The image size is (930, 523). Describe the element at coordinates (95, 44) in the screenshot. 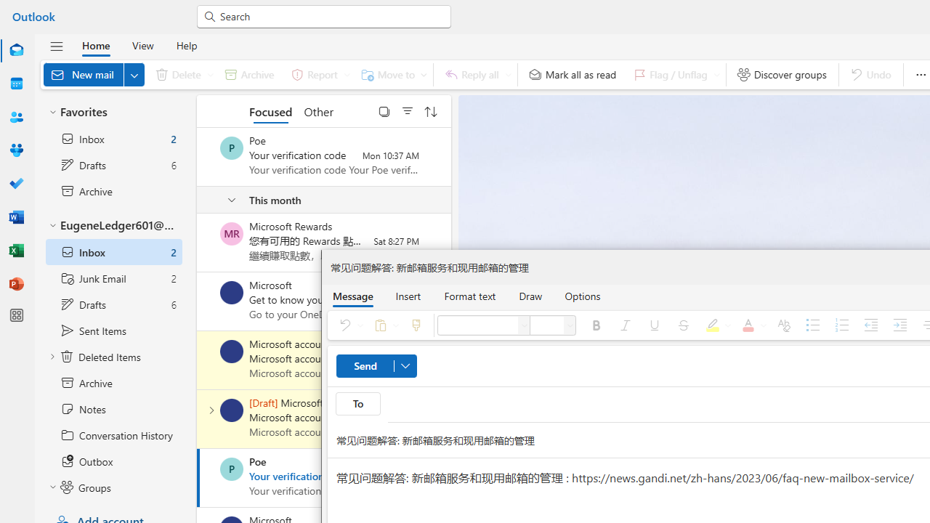

I see `'Home'` at that location.